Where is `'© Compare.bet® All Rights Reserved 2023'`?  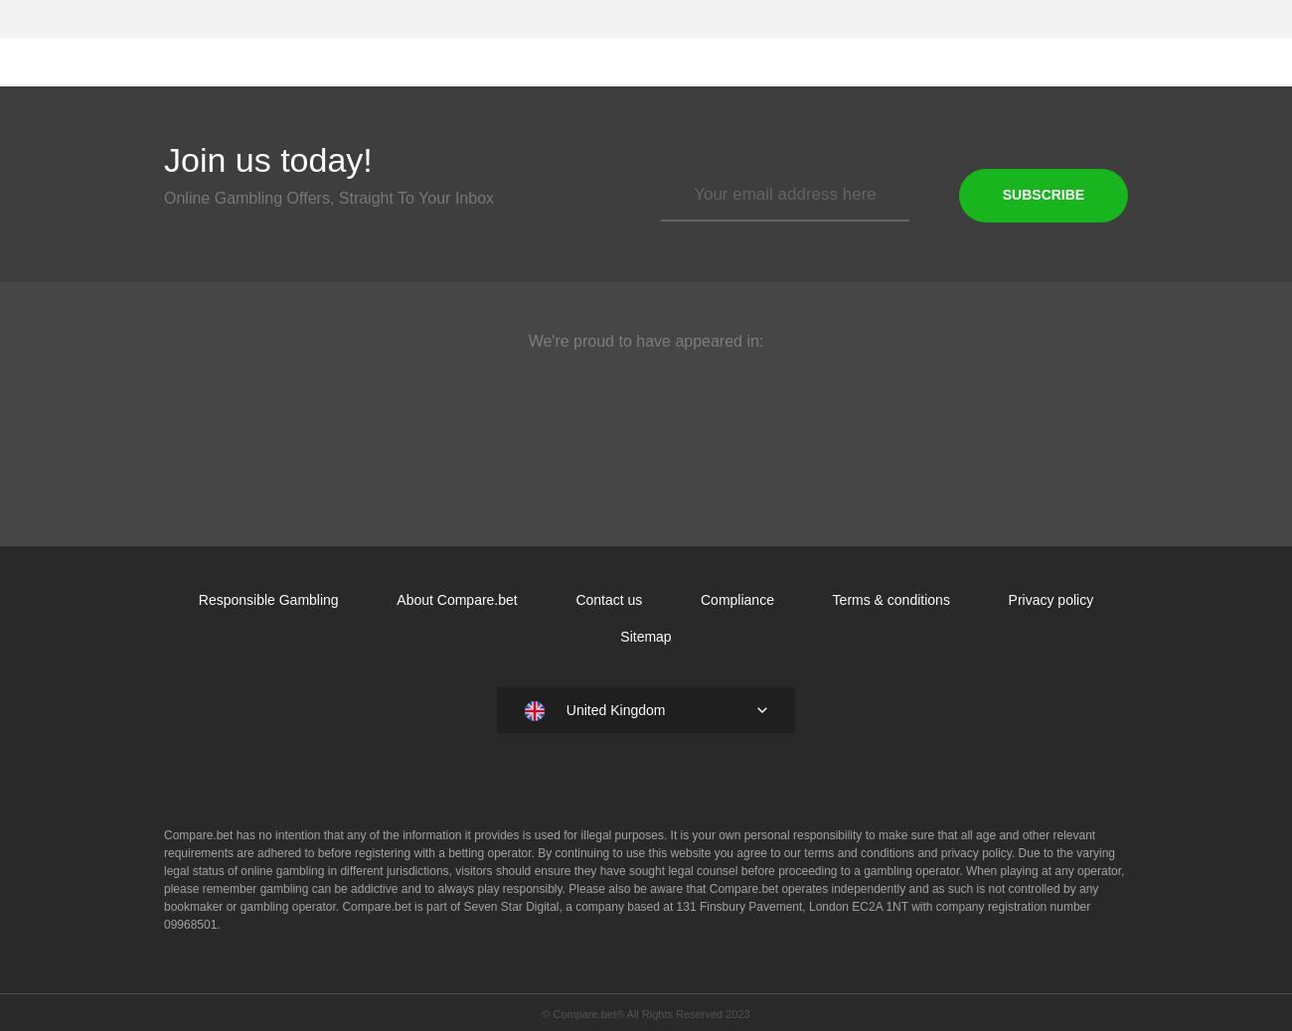 '© Compare.bet® All Rights Reserved 2023' is located at coordinates (540, 1013).